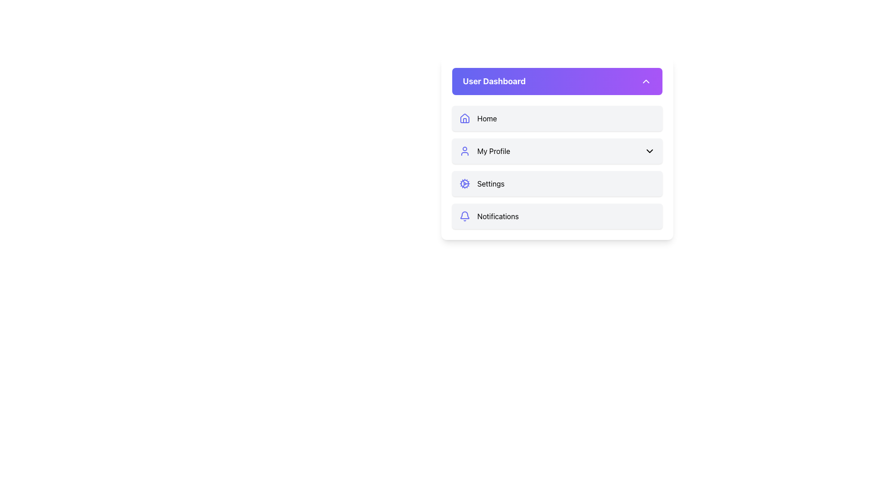  What do you see at coordinates (464, 151) in the screenshot?
I see `the decorative icon representing the 'My Profile' menu item, which is located immediately to the left of the 'My Profile' text` at bounding box center [464, 151].